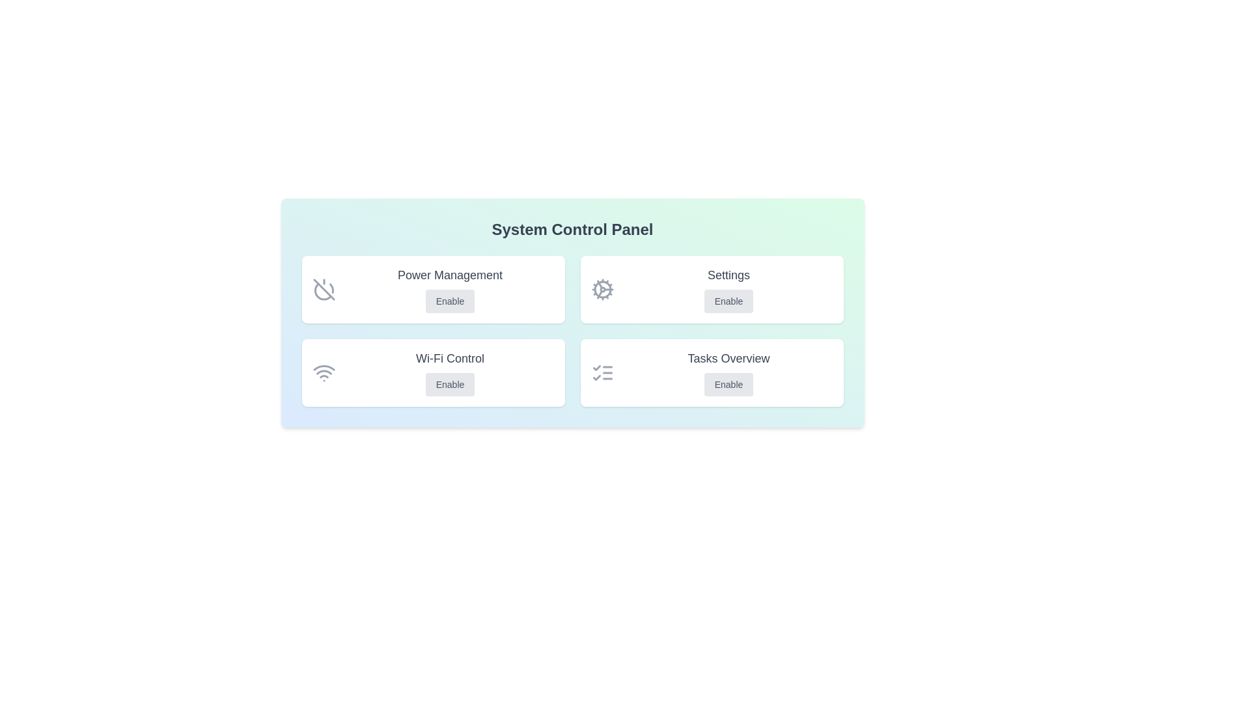  I want to click on the 'Enable' button located, so click(728, 383).